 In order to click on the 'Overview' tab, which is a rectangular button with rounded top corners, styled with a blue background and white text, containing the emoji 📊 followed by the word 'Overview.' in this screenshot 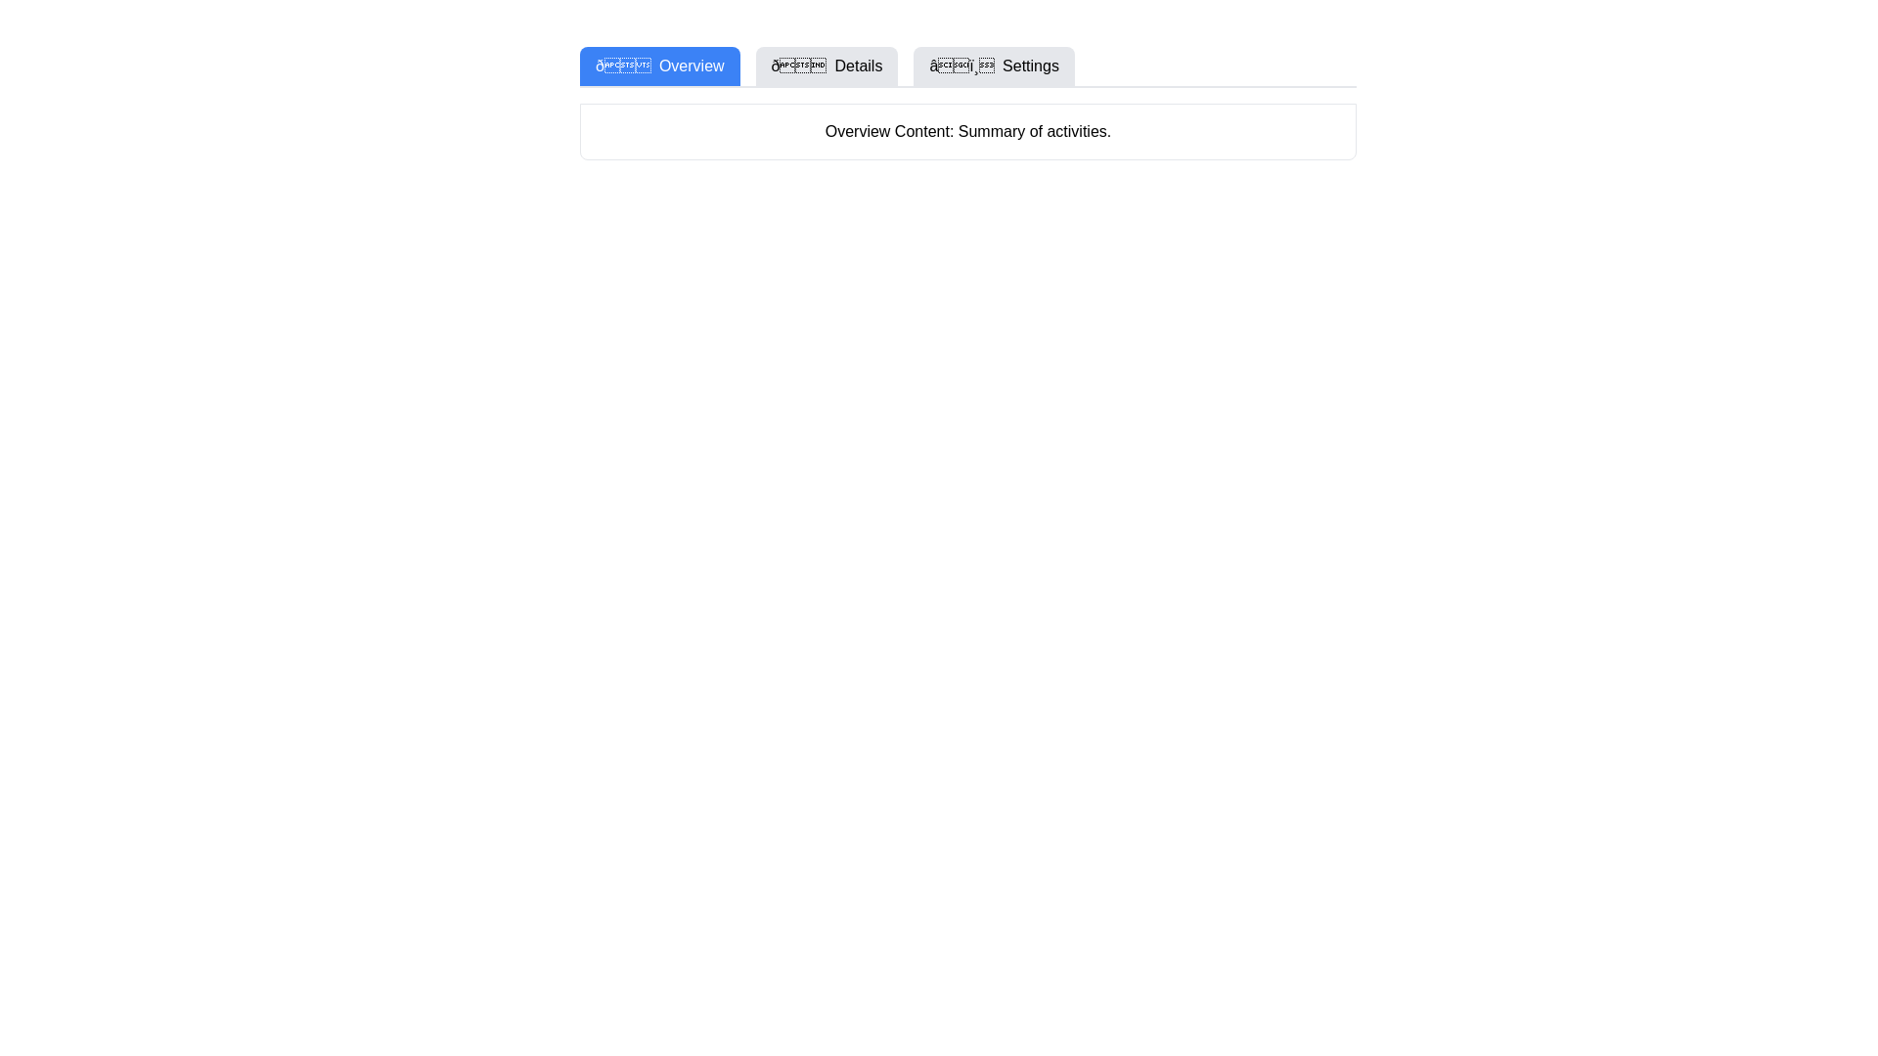, I will do `click(659, 66)`.